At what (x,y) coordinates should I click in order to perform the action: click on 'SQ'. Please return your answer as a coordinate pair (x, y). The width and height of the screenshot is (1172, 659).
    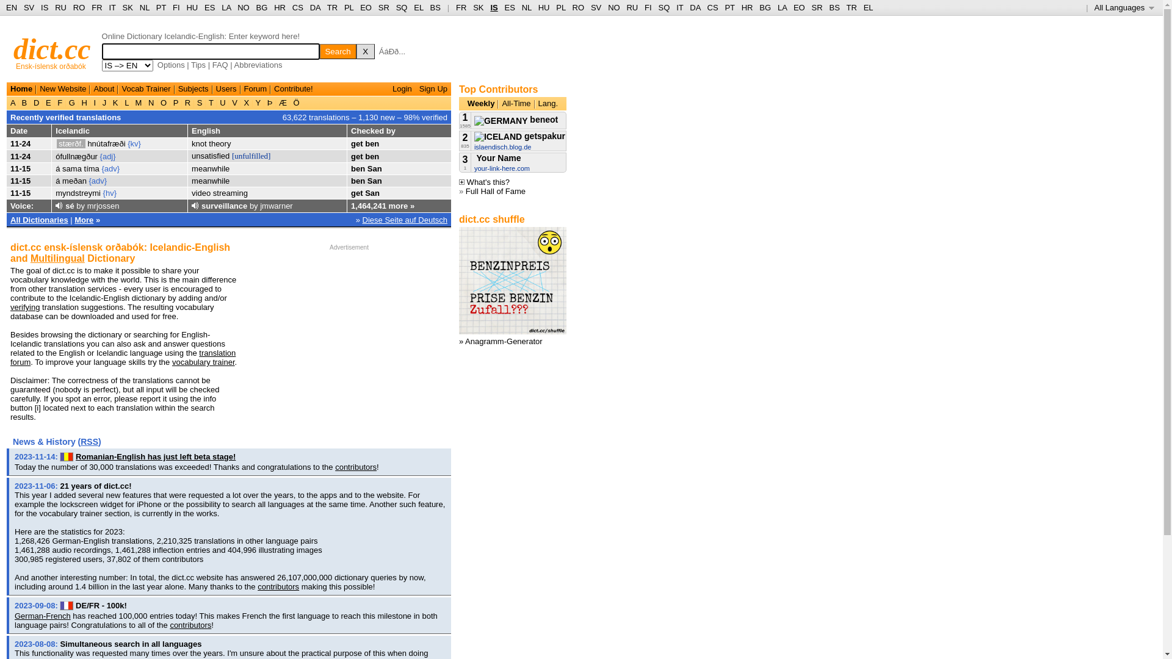
    Looking at the image, I should click on (402, 7).